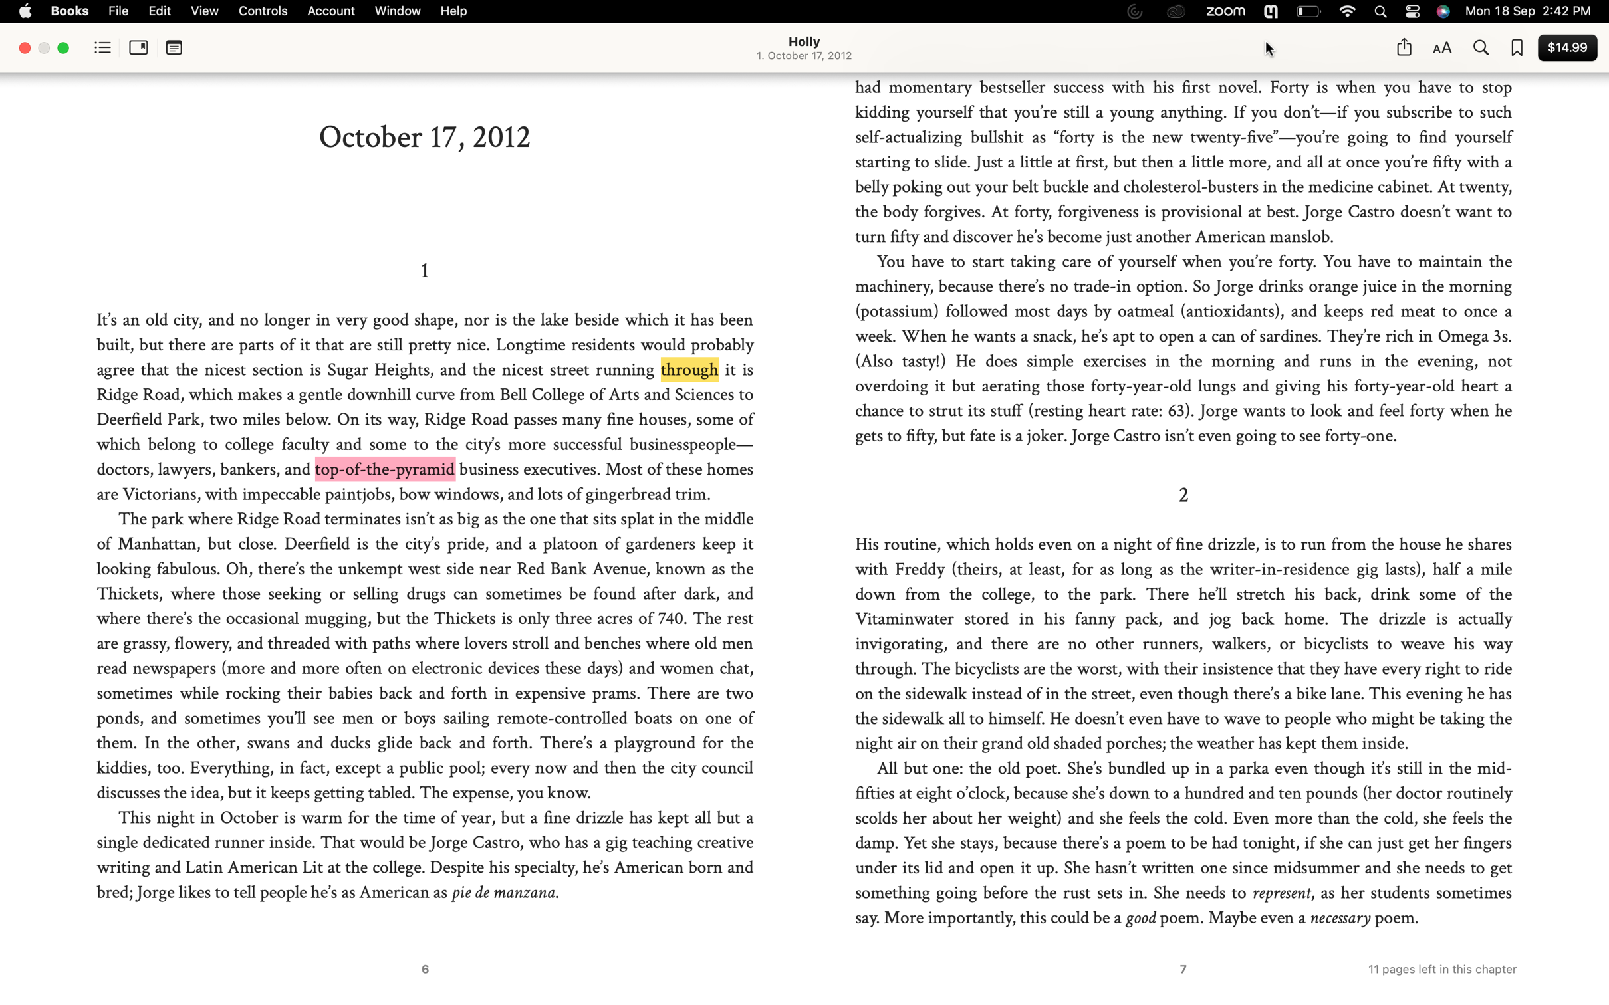 This screenshot has width=1609, height=1005. Describe the element at coordinates (1403, 47) in the screenshot. I see `Disseminate the open page on "Facebook" social platform` at that location.